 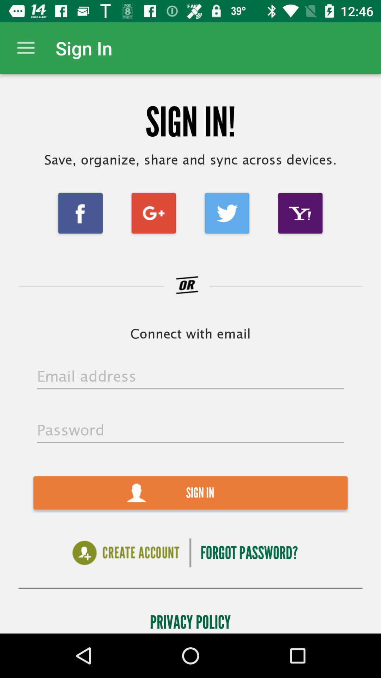 What do you see at coordinates (249, 552) in the screenshot?
I see `the forgot password? icon` at bounding box center [249, 552].